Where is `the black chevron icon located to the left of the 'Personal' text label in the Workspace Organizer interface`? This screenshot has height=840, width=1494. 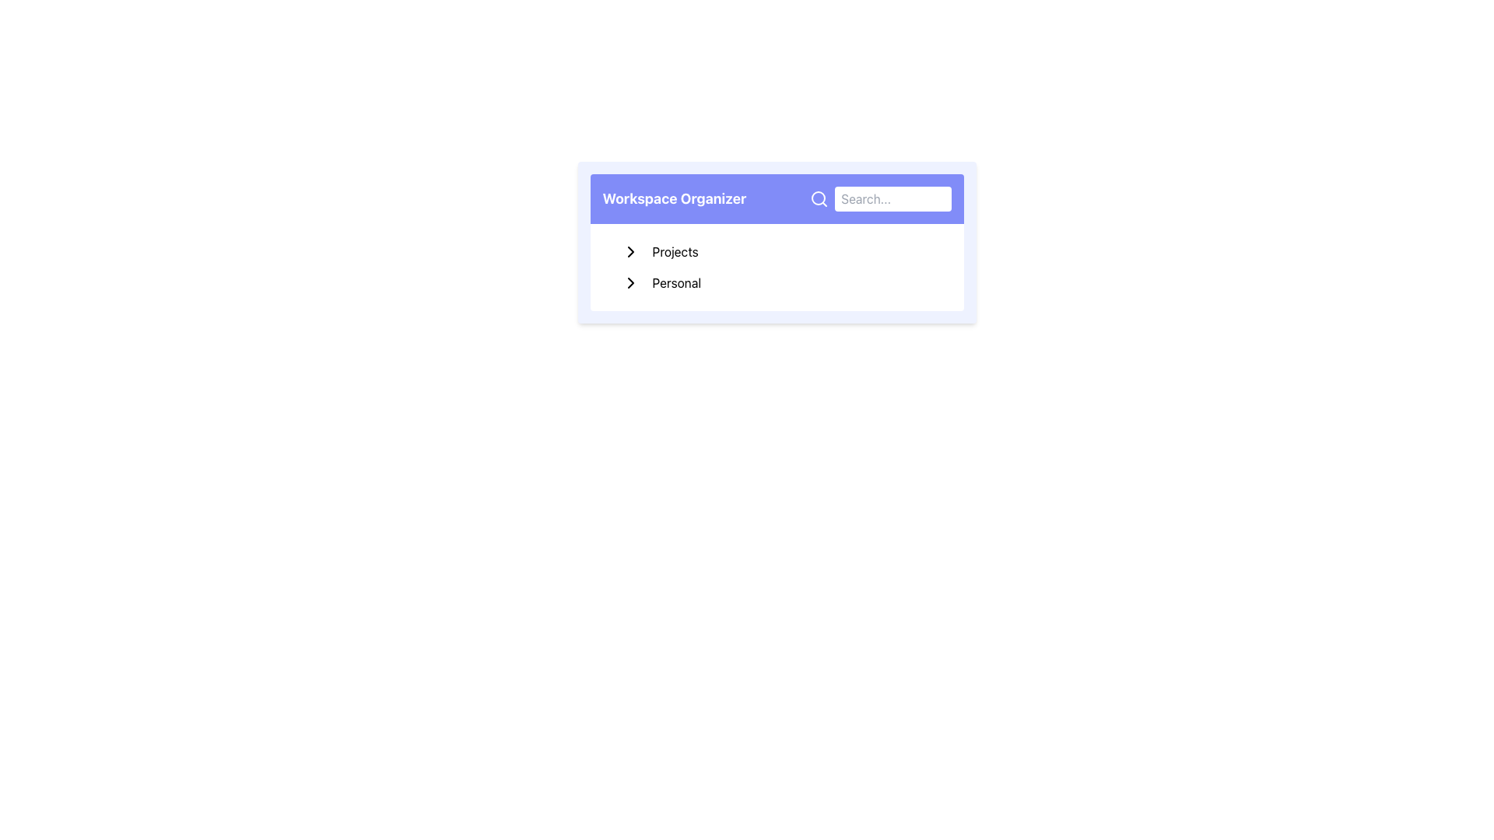
the black chevron icon located to the left of the 'Personal' text label in the Workspace Organizer interface is located at coordinates (630, 282).